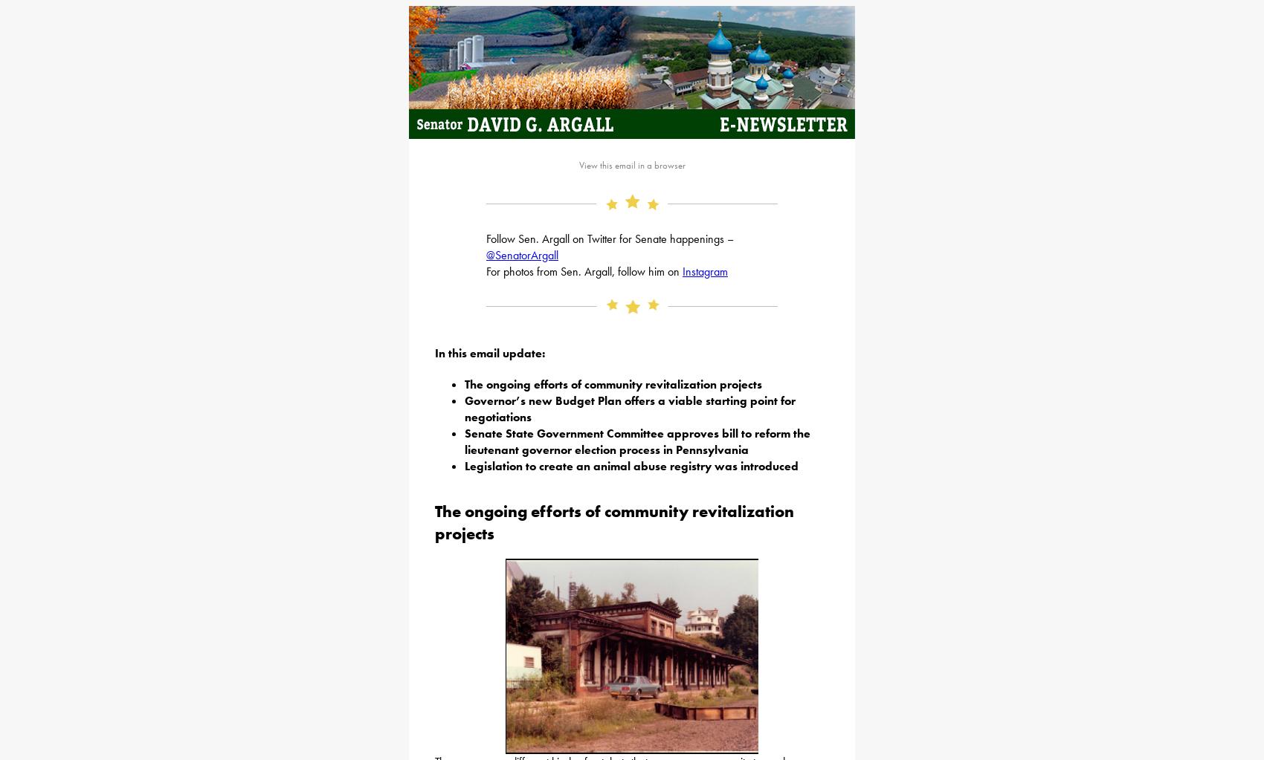 This screenshot has height=760, width=1264. I want to click on 'Legislation to create an animal abuse registry was introduced', so click(631, 464).